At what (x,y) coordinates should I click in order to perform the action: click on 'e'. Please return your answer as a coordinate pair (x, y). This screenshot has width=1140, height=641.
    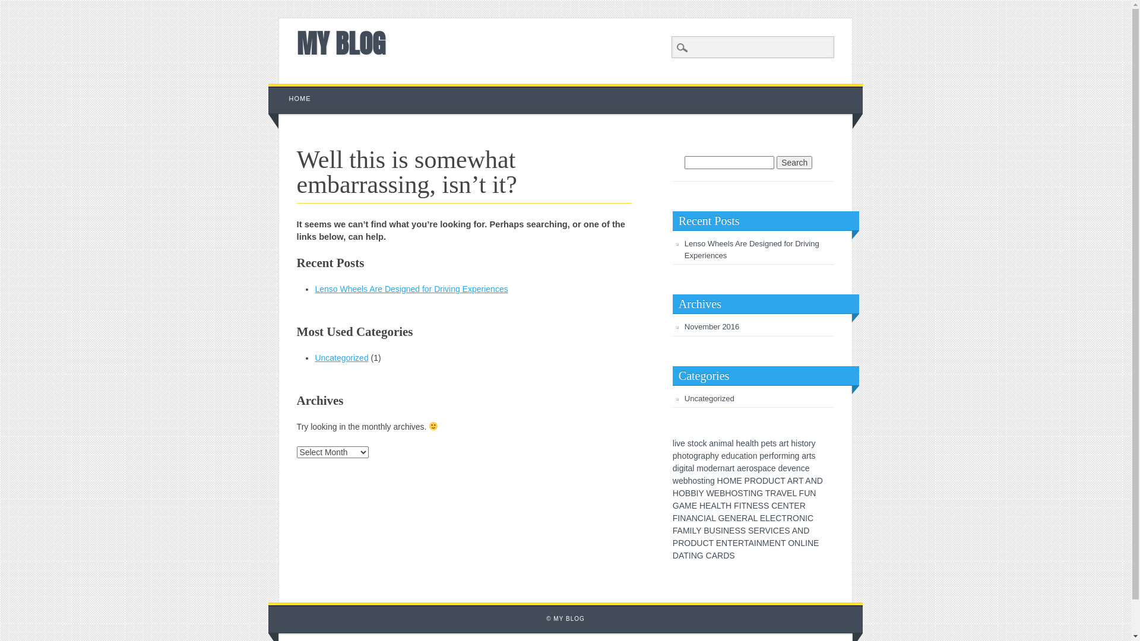
    Looking at the image, I should click on (767, 455).